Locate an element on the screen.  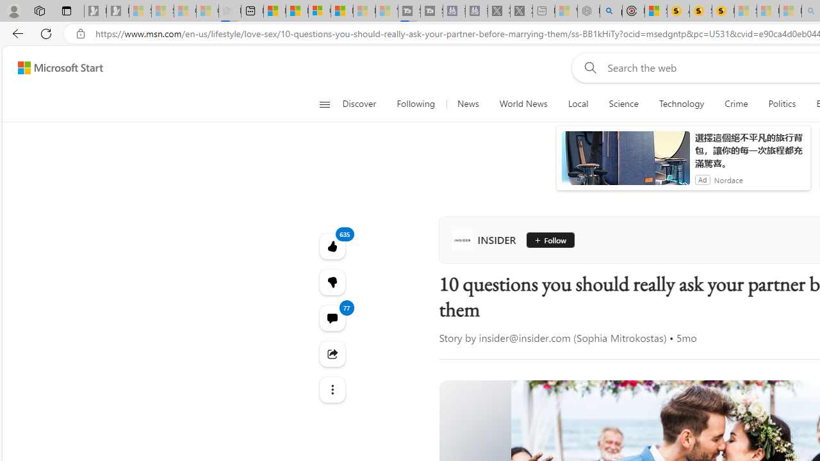
'Wildlife - MSN - Sleeping' is located at coordinates (565, 11).